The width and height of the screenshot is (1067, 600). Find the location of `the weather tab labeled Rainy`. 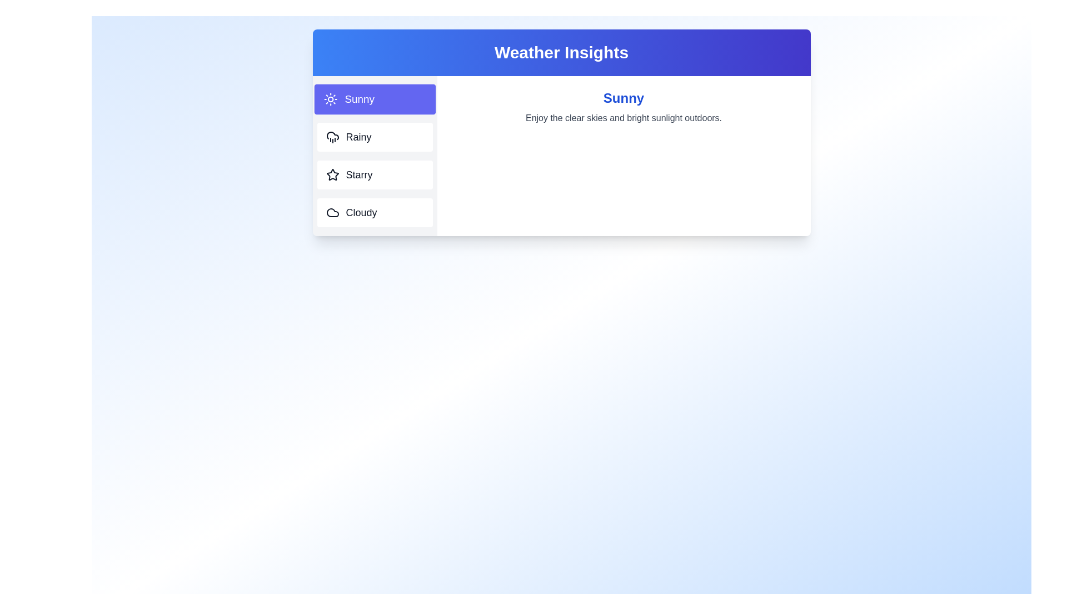

the weather tab labeled Rainy is located at coordinates (375, 136).